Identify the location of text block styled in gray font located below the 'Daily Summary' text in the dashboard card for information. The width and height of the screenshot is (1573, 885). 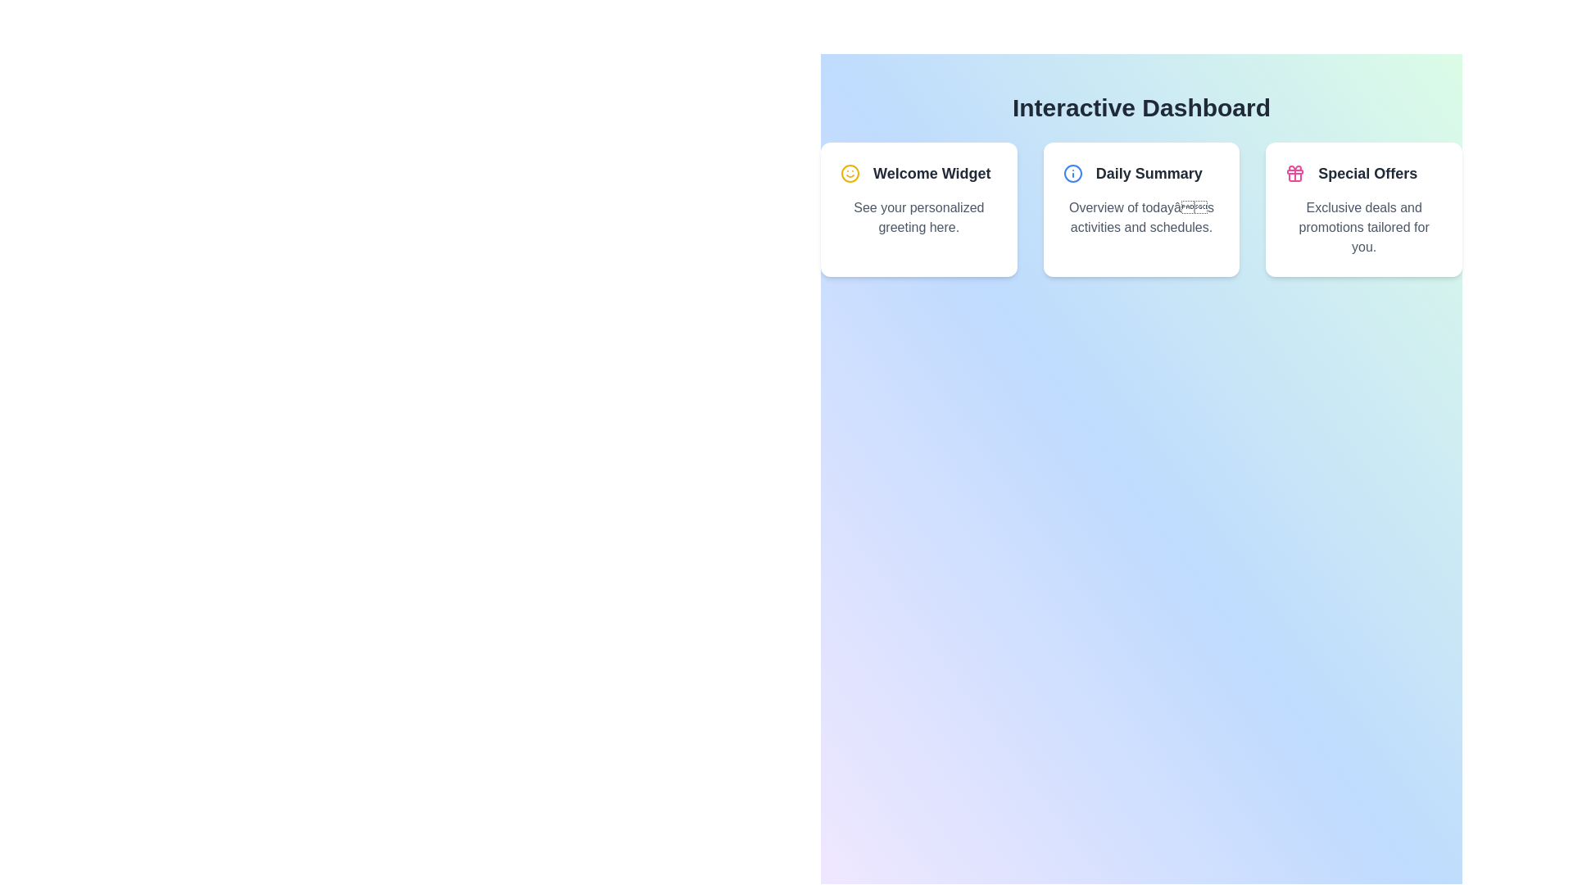
(1140, 217).